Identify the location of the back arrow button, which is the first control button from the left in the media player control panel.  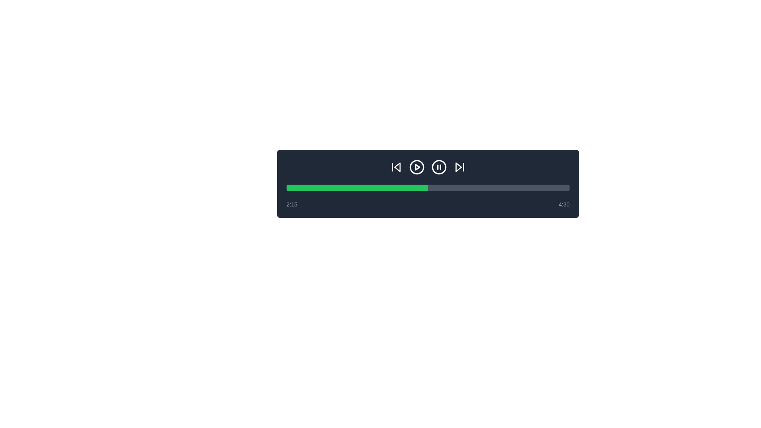
(396, 166).